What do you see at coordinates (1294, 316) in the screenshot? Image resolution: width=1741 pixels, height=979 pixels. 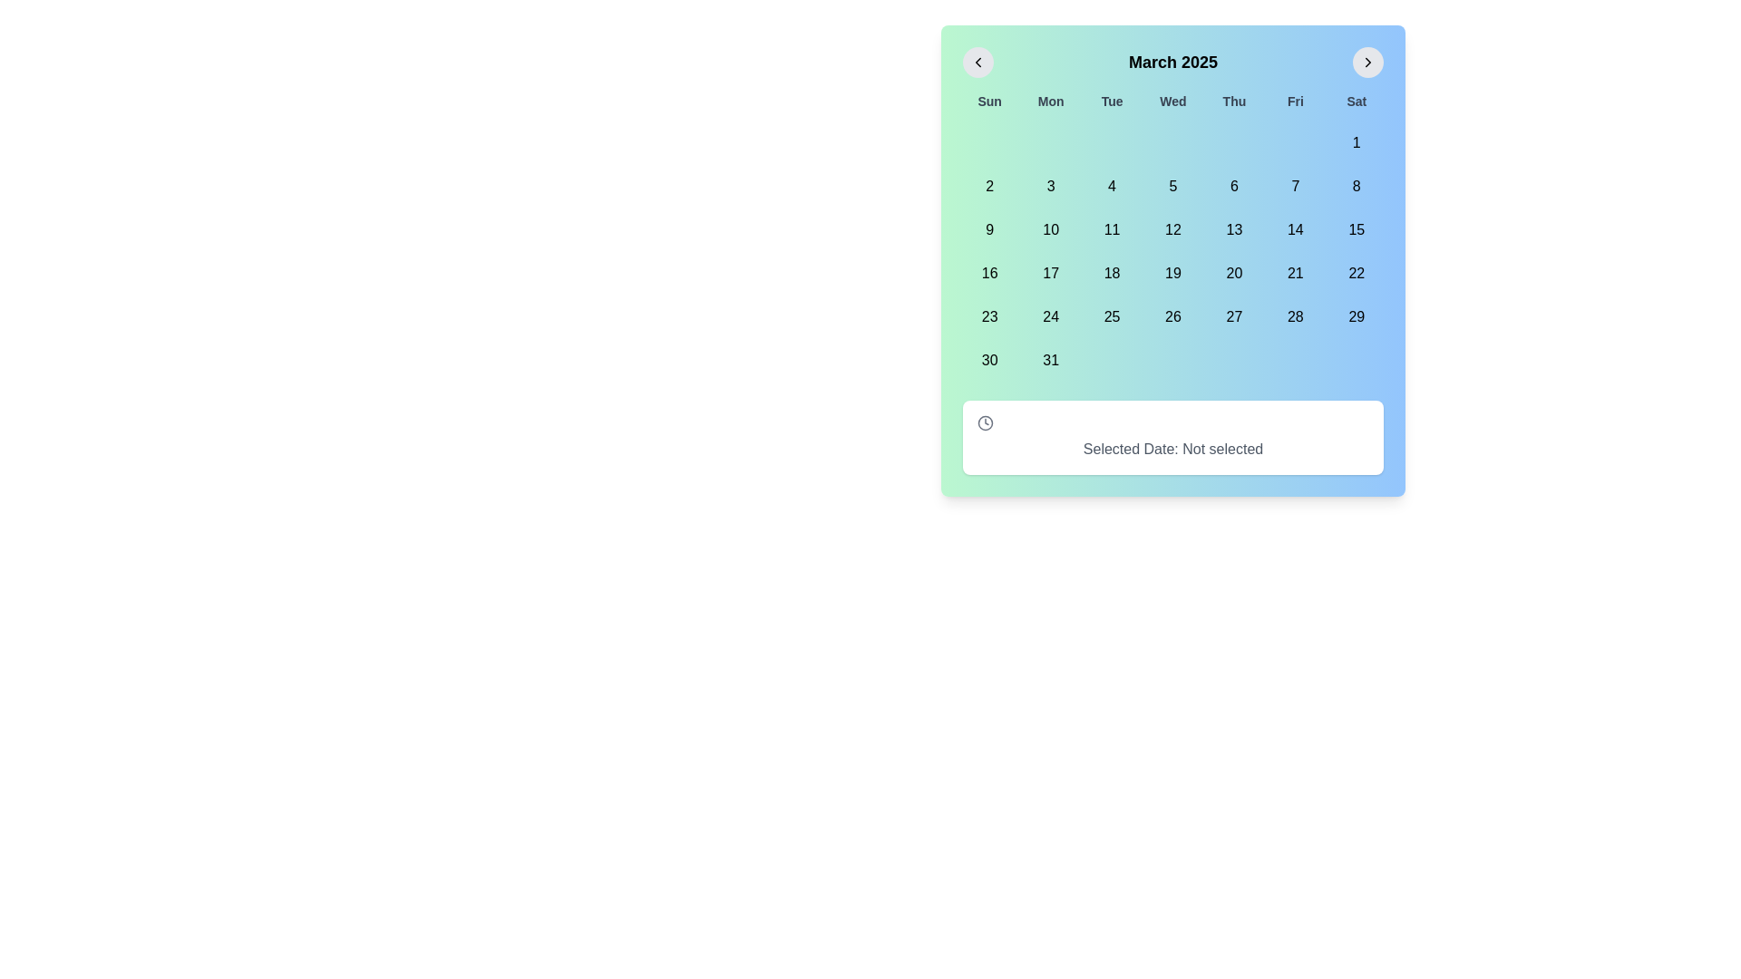 I see `the selectable day button representing the 28th day of the month in the calendar view` at bounding box center [1294, 316].